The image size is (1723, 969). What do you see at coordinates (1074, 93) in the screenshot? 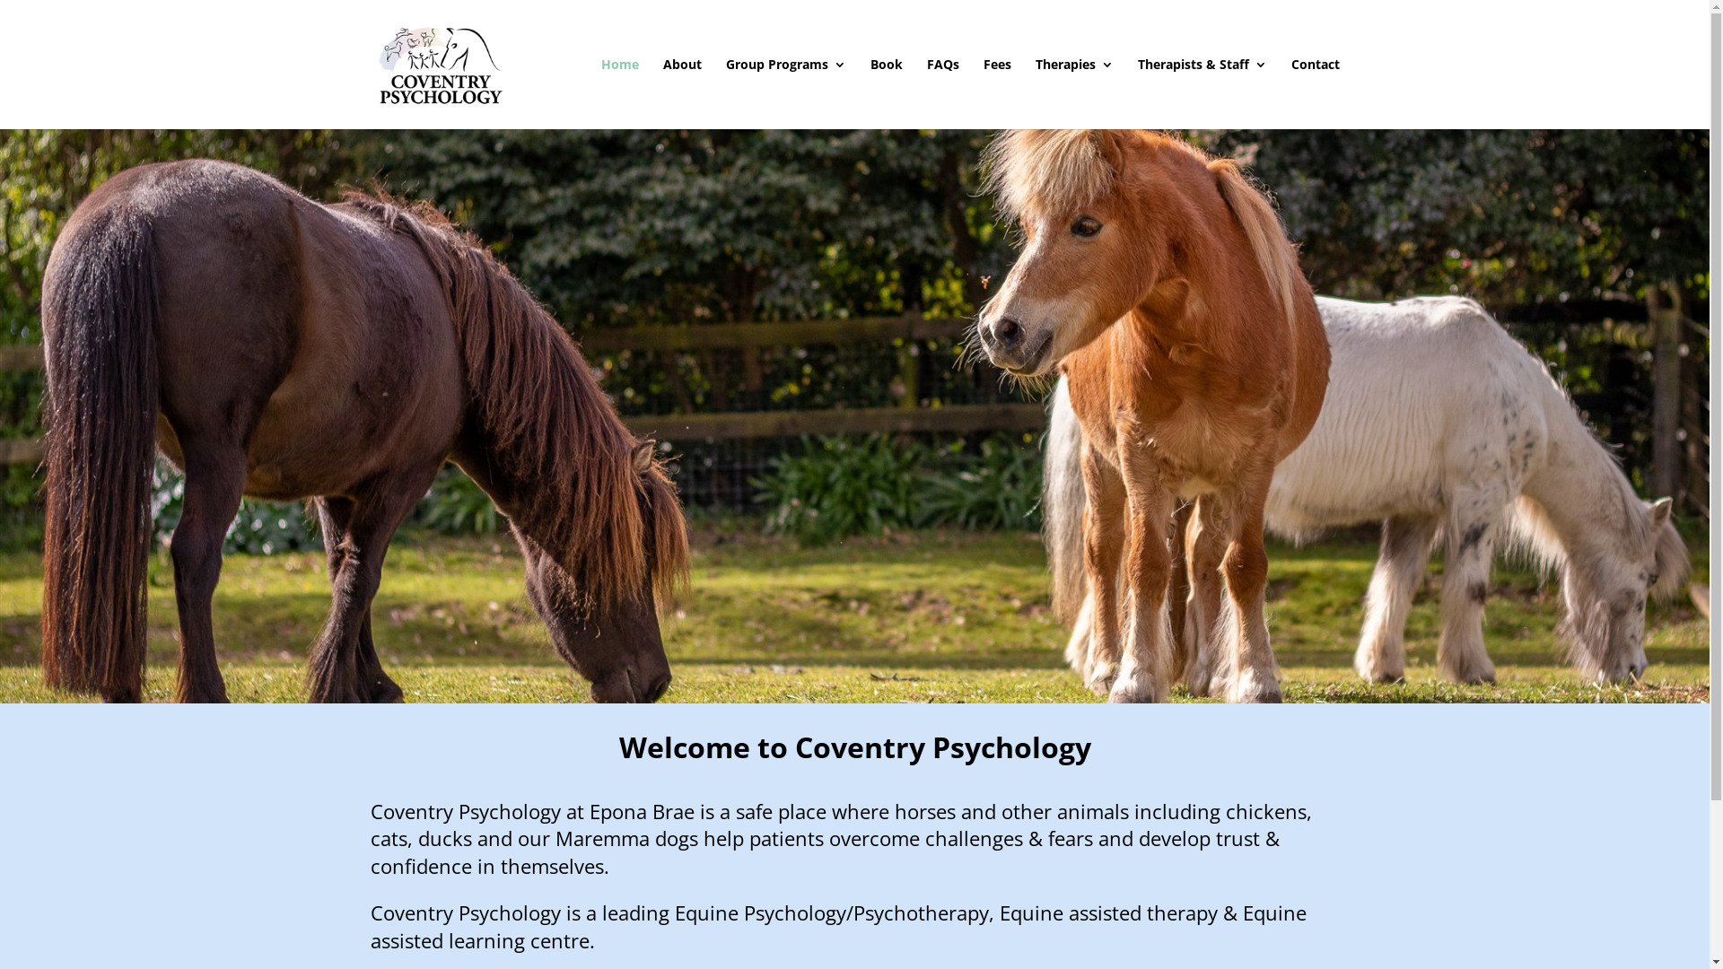
I see `'Therapies'` at bounding box center [1074, 93].